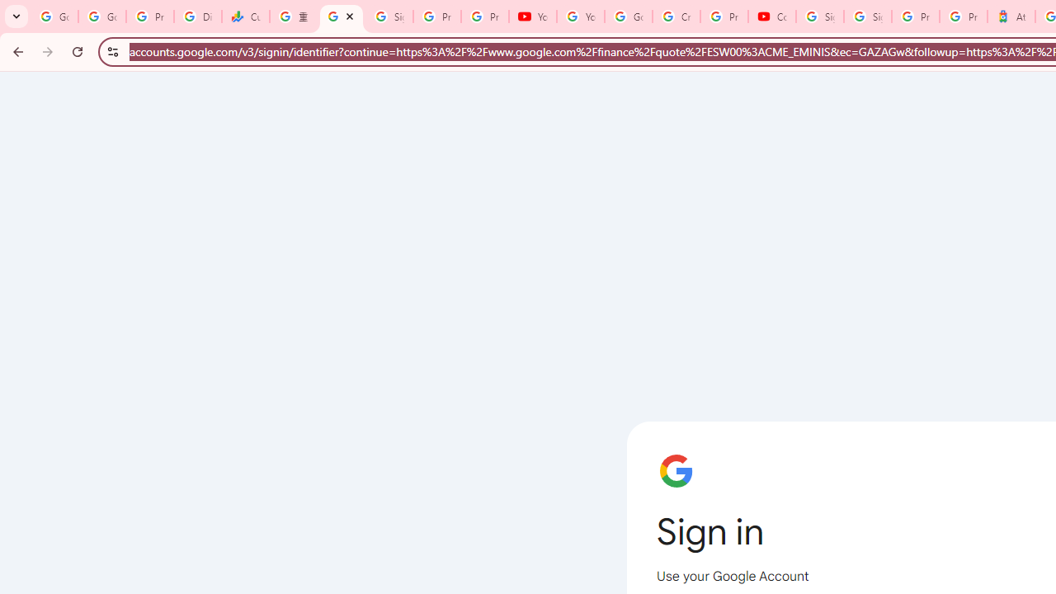  I want to click on 'Google Account Help', so click(628, 16).